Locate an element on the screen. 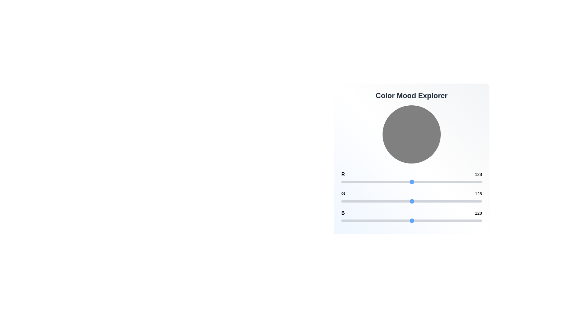 The image size is (582, 327). the 0 slider to set its value to 215 is located at coordinates (460, 182).